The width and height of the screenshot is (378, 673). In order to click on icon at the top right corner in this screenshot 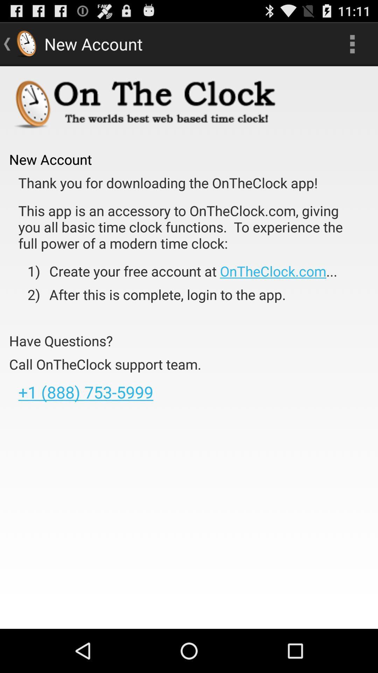, I will do `click(352, 43)`.